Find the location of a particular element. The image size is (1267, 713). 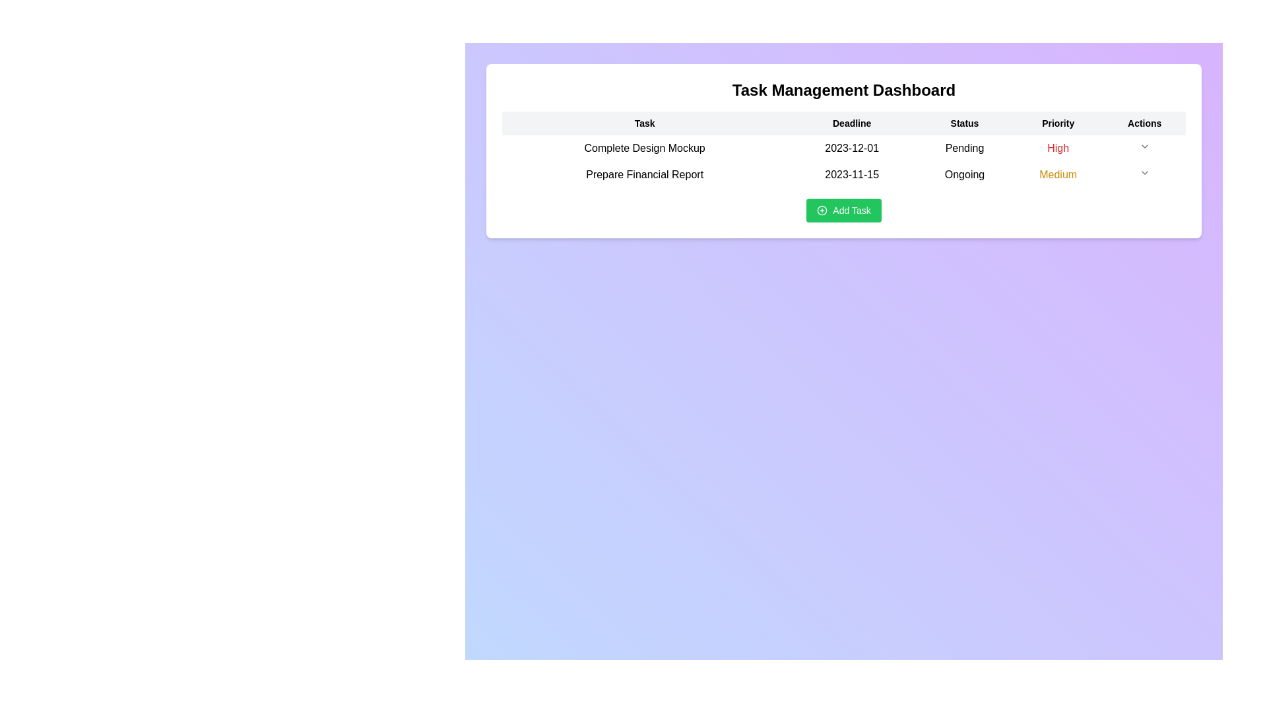

the 'Add Task' icon located within the green button to invoke the 'Add Task' functionality is located at coordinates (822, 210).